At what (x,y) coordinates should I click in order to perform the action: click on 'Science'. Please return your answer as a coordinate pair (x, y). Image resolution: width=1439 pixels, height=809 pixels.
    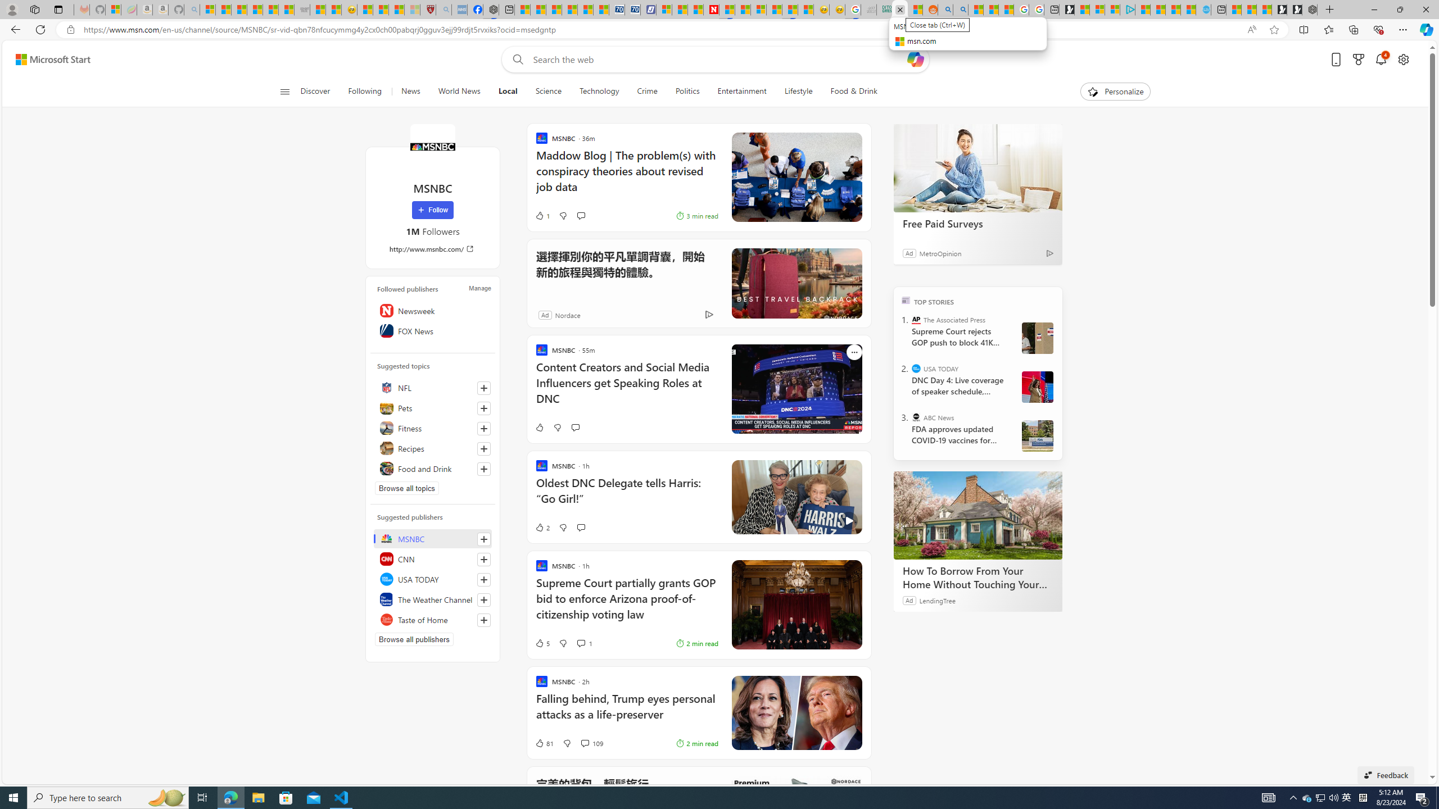
    Looking at the image, I should click on (547, 91).